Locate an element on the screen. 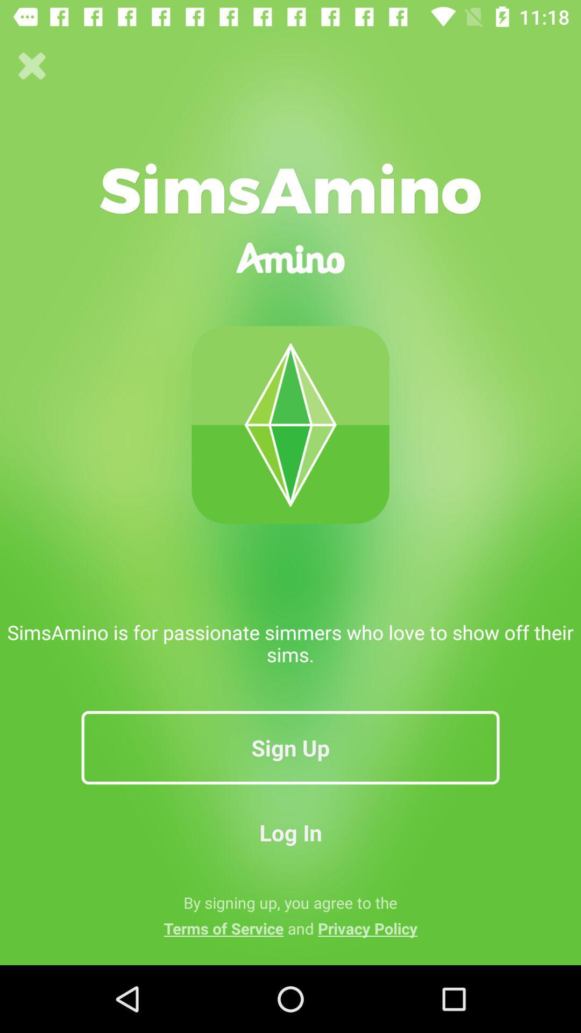 Image resolution: width=581 pixels, height=1033 pixels. icon below the sign up button is located at coordinates (290, 832).